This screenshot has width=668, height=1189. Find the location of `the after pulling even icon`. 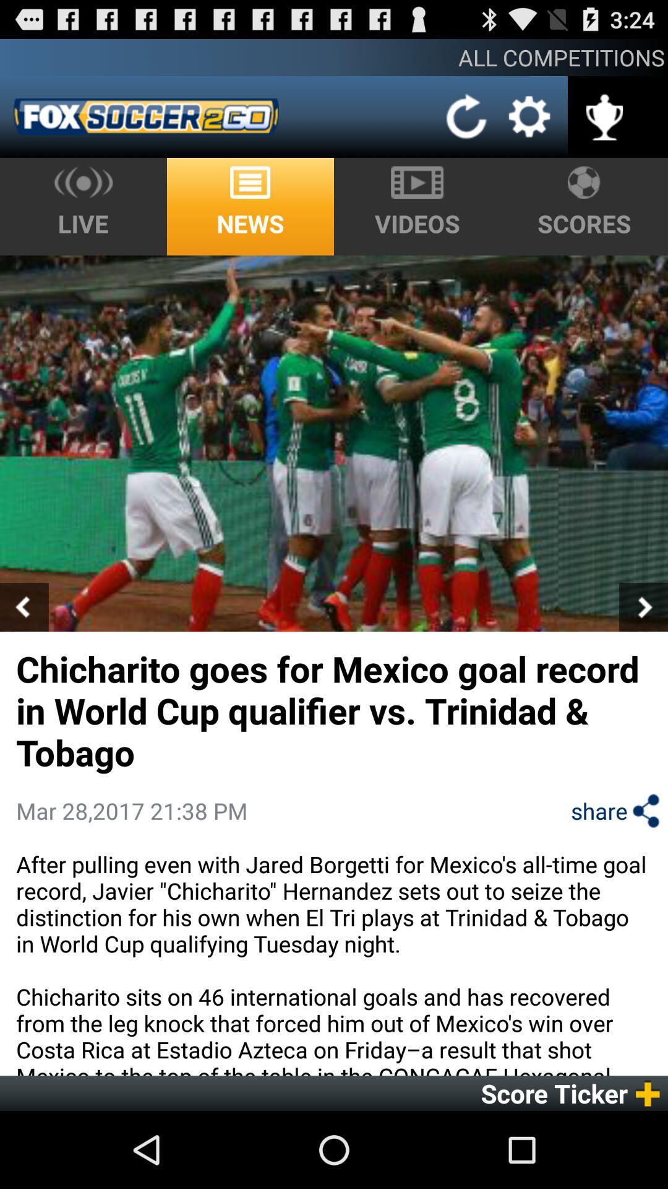

the after pulling even icon is located at coordinates (334, 962).